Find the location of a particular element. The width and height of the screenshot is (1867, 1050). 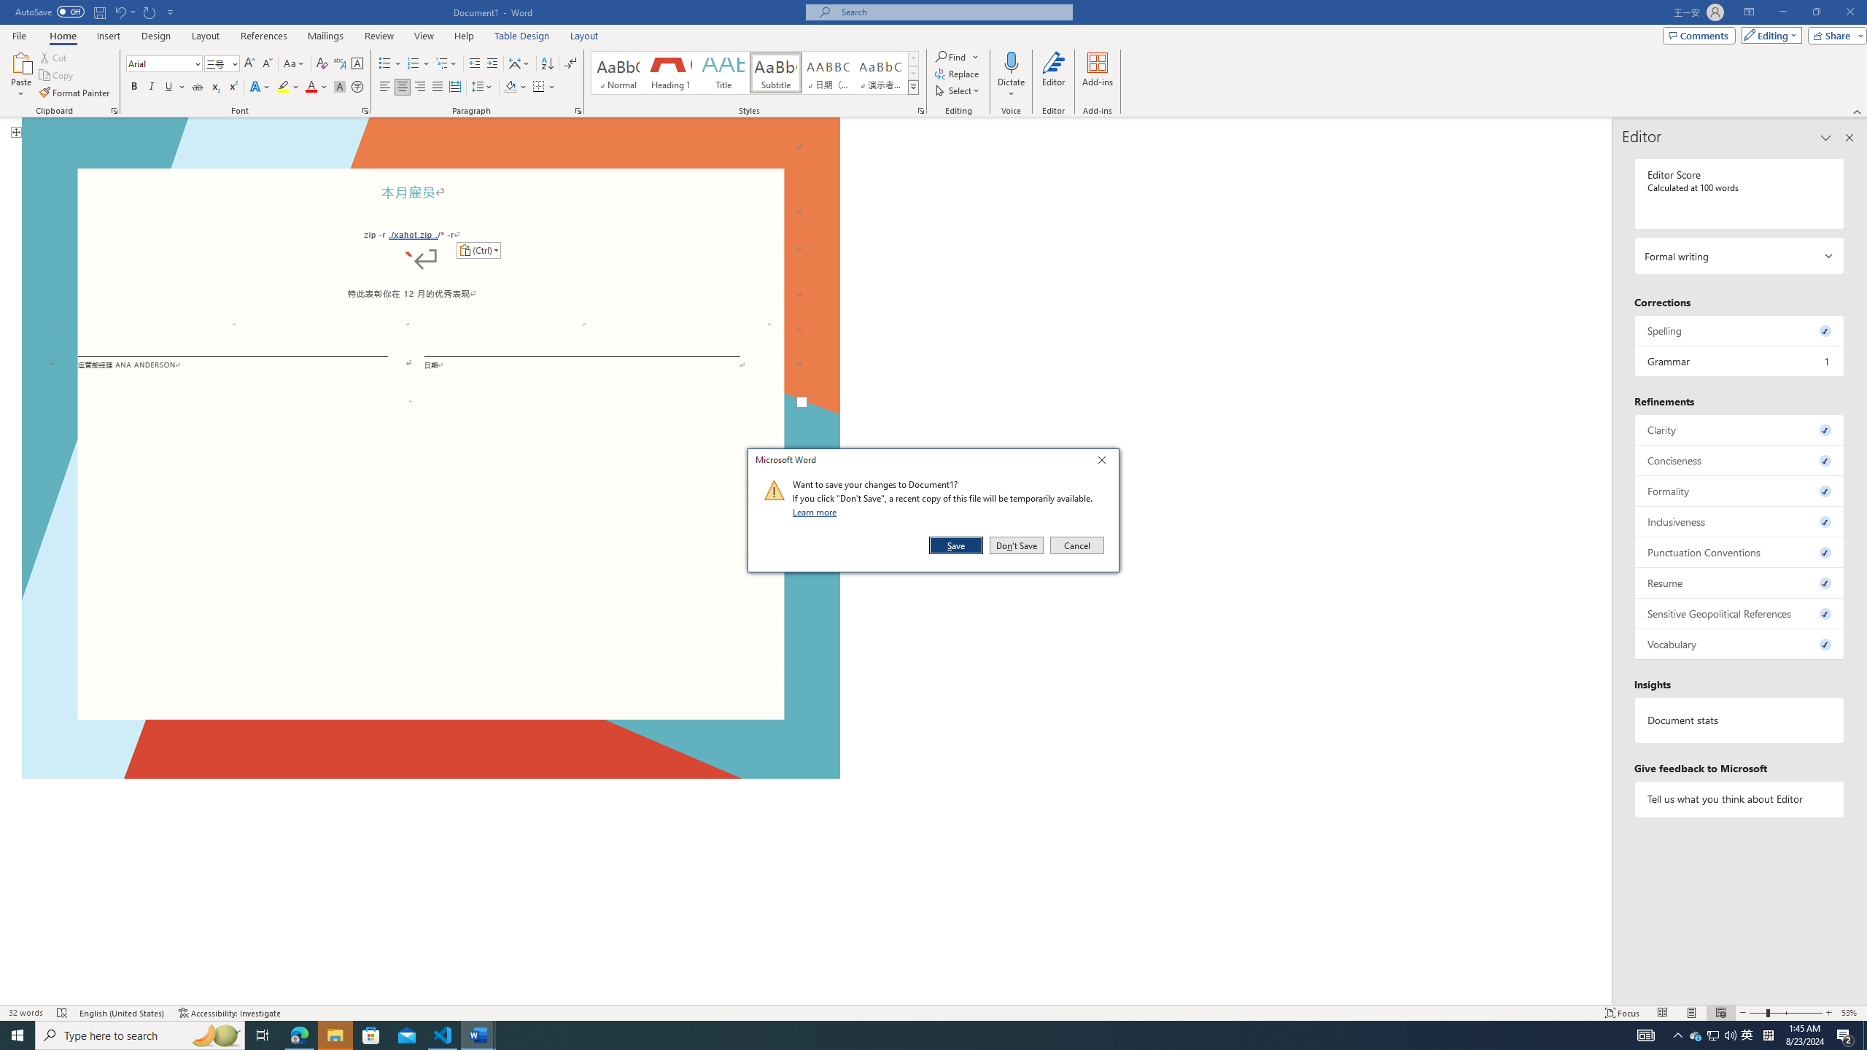

'Multilevel List' is located at coordinates (446, 63).